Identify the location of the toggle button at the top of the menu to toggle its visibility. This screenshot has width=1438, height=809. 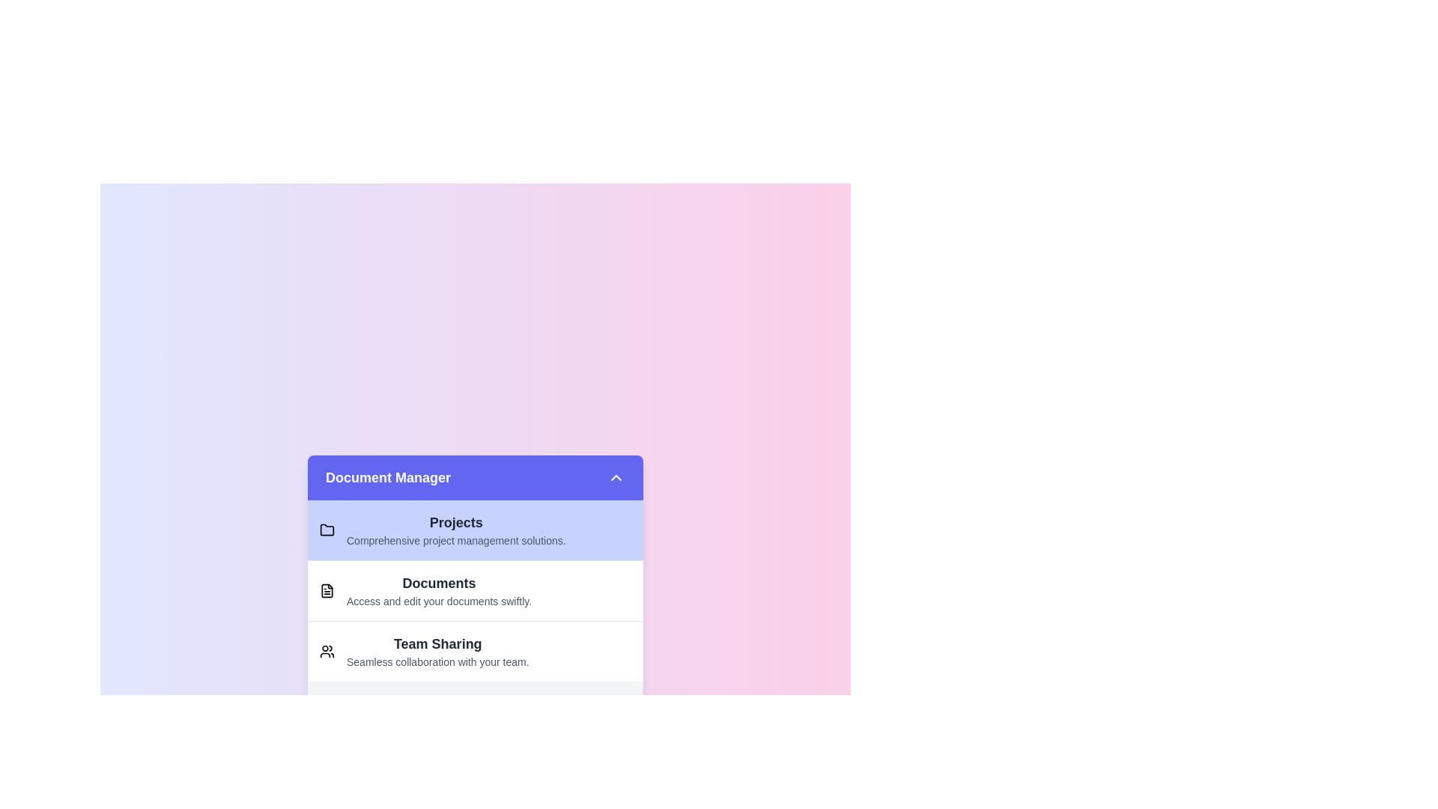
(474, 477).